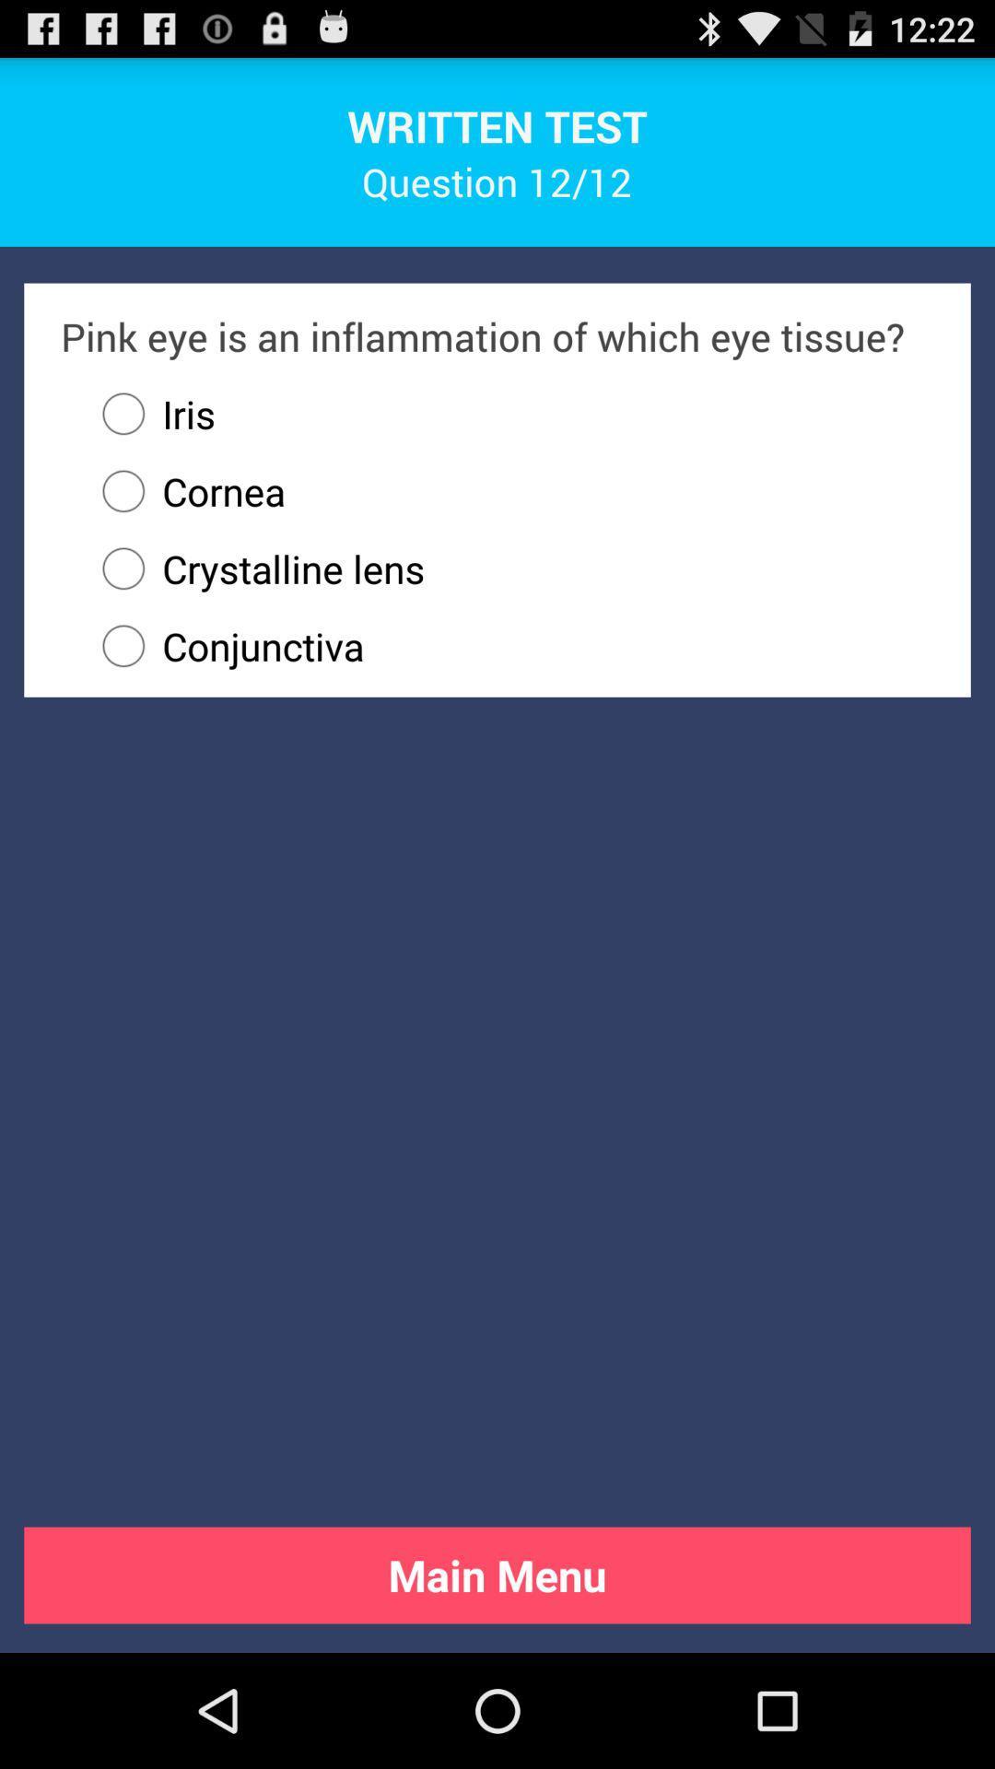 The height and width of the screenshot is (1769, 995). Describe the element at coordinates (184, 491) in the screenshot. I see `icon above crystalline lens radio button` at that location.